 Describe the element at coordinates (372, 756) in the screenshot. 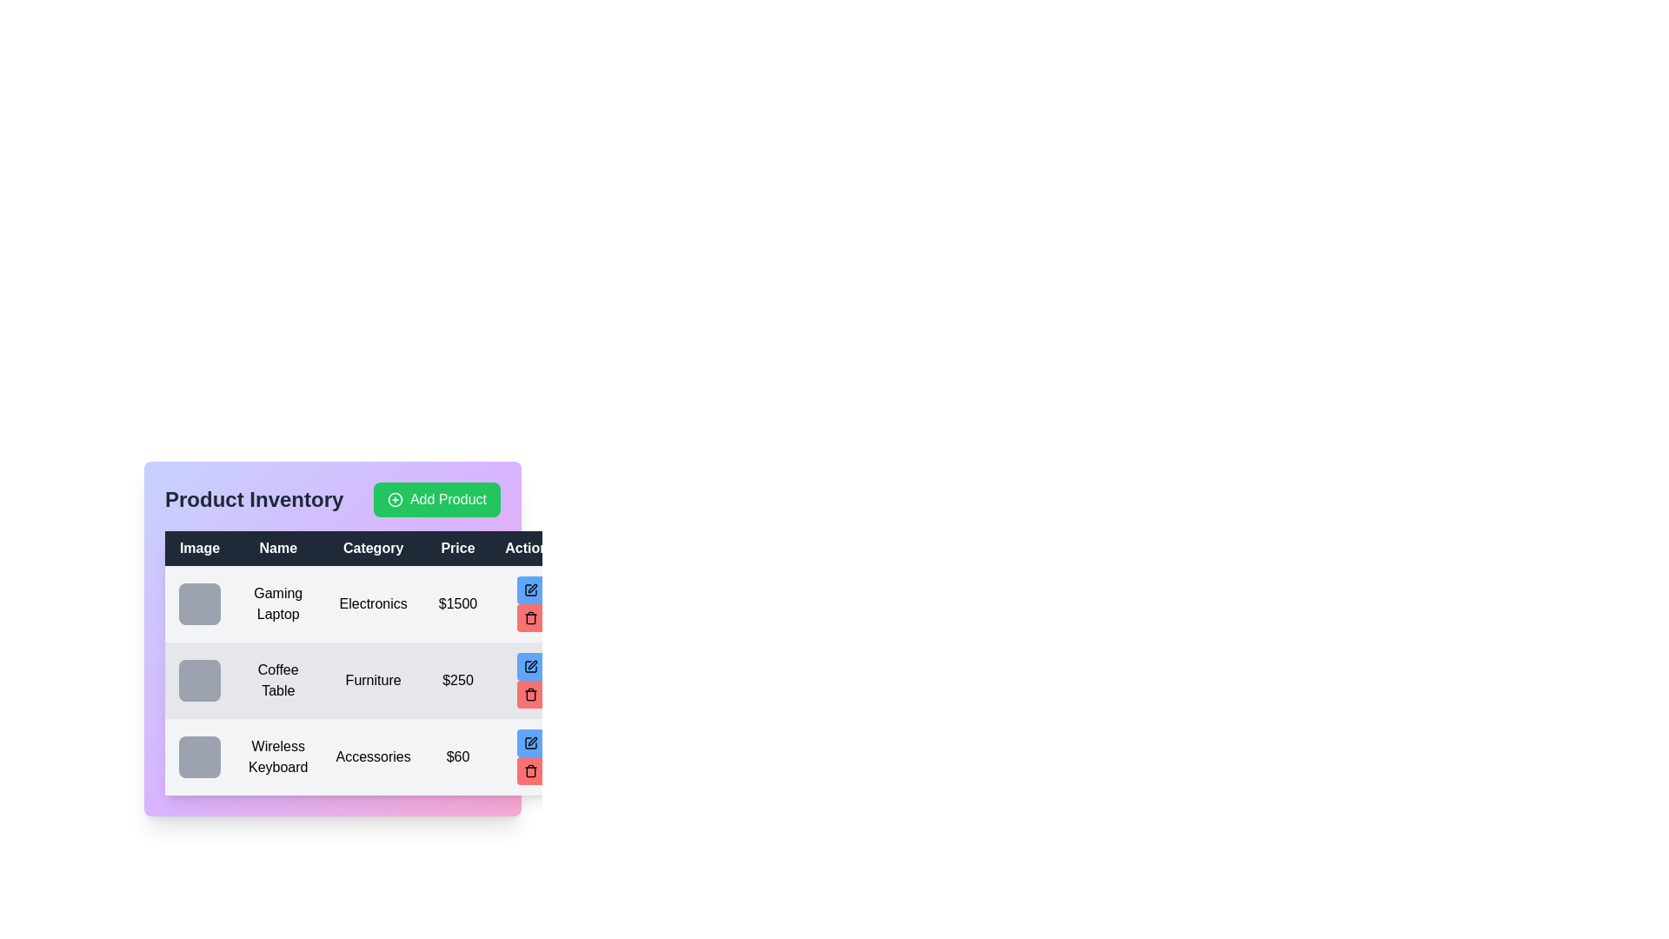

I see `the text label that displays 'Accessories' in the product catalog table, located in the third row, third column under the 'Category' heading` at that location.